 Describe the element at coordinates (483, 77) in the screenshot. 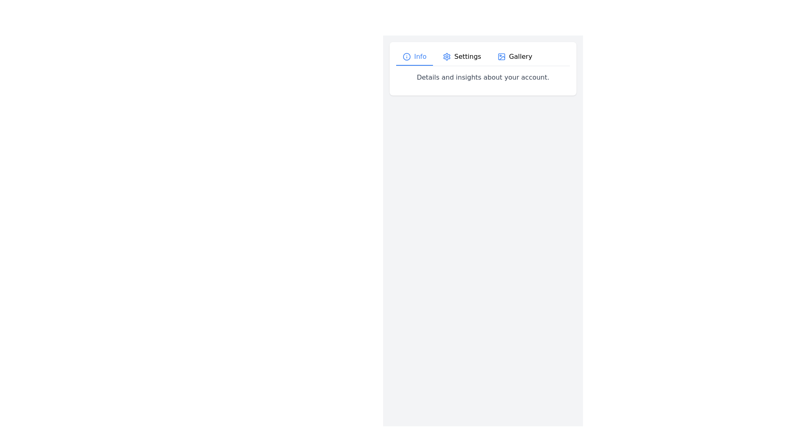

I see `the text block containing 'Details and insights about your account', which is styled with gray font color and positioned below the Info tab in the navigation component` at that location.